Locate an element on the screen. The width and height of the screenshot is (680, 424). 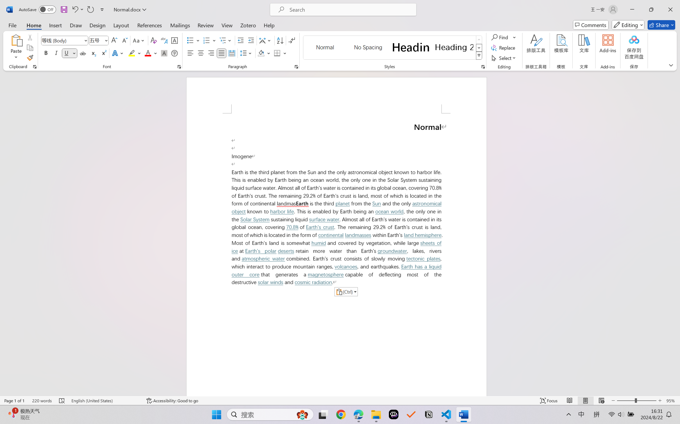
'Sun' is located at coordinates (377, 204).